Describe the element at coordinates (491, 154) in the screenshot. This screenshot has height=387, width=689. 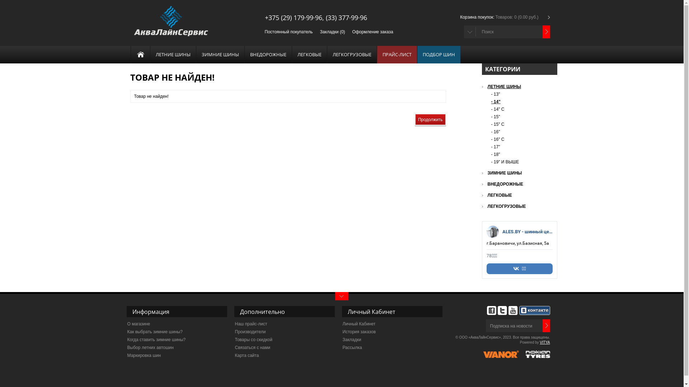
I see `'- 18"'` at that location.